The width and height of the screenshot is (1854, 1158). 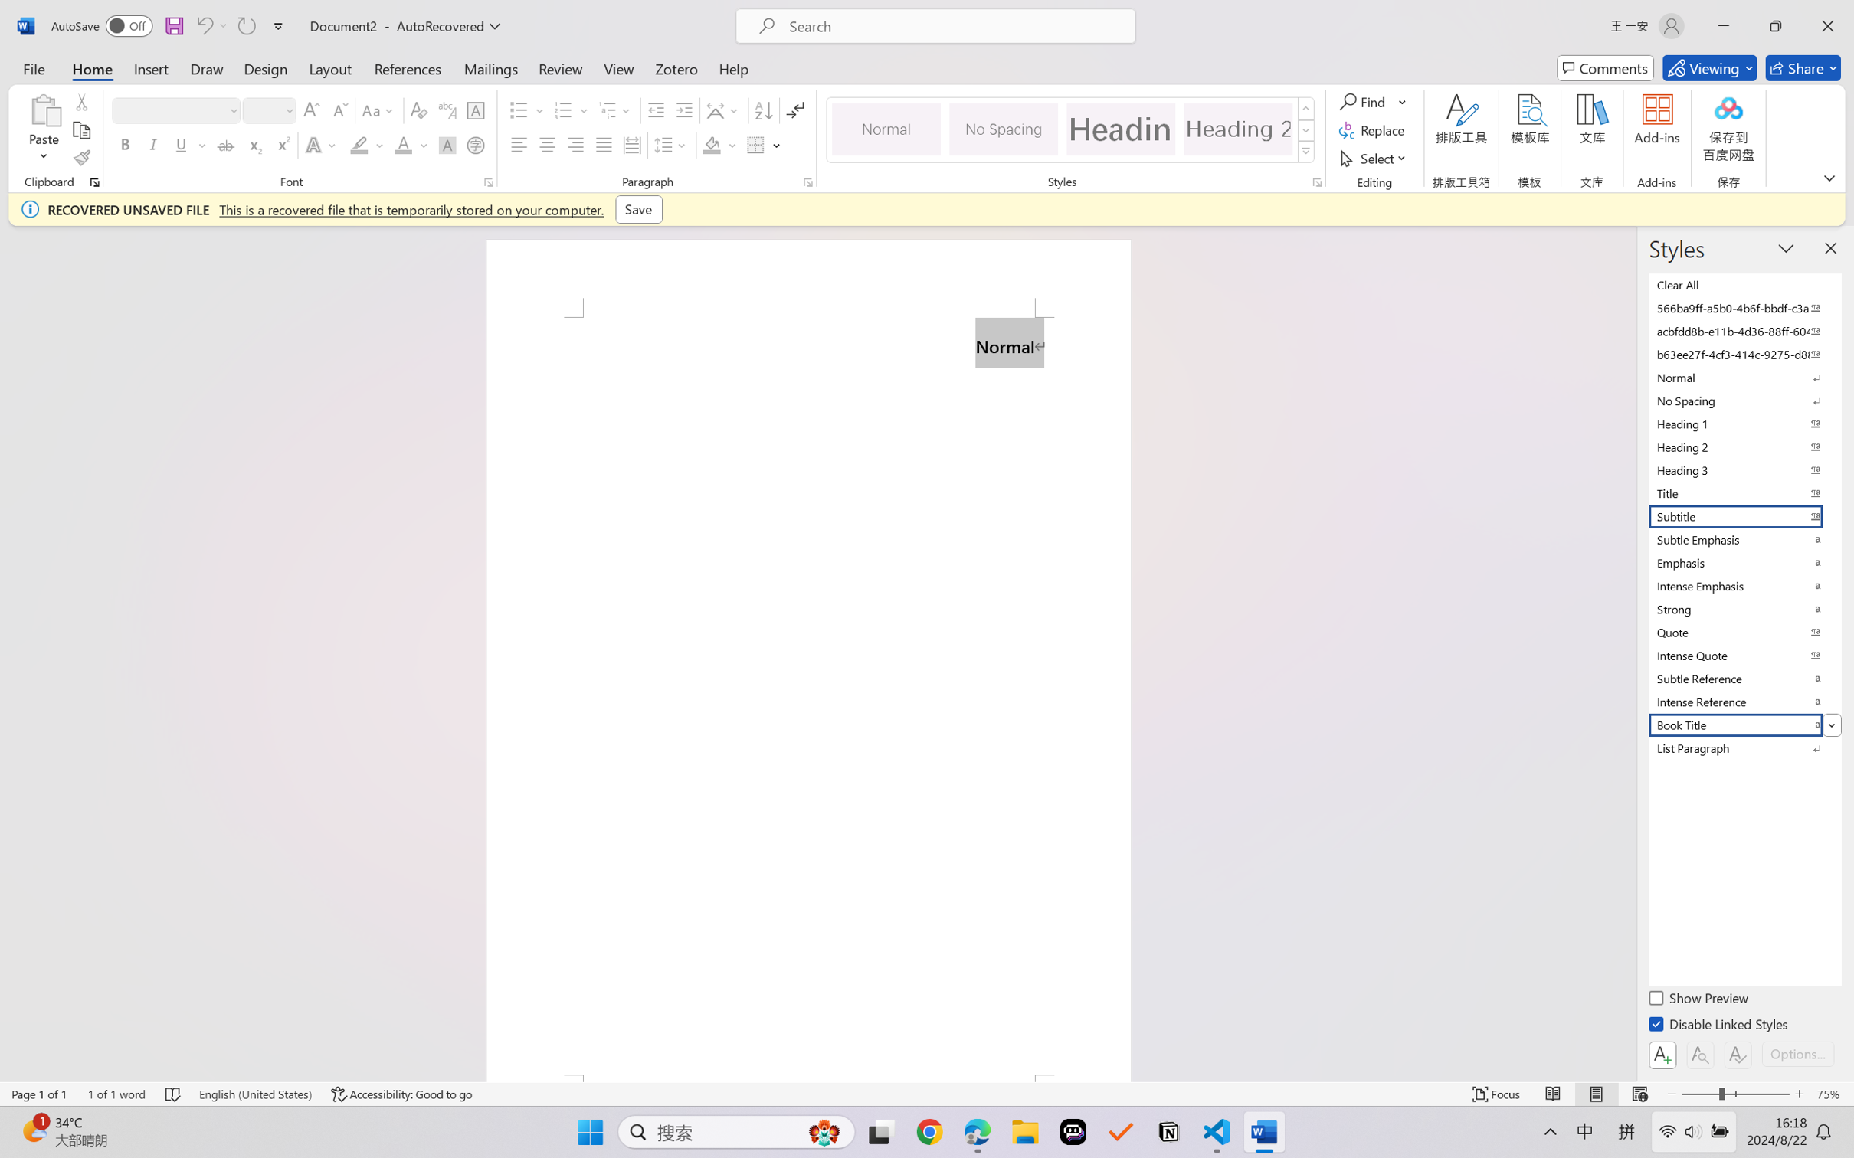 I want to click on 'Clear All', so click(x=1743, y=283).